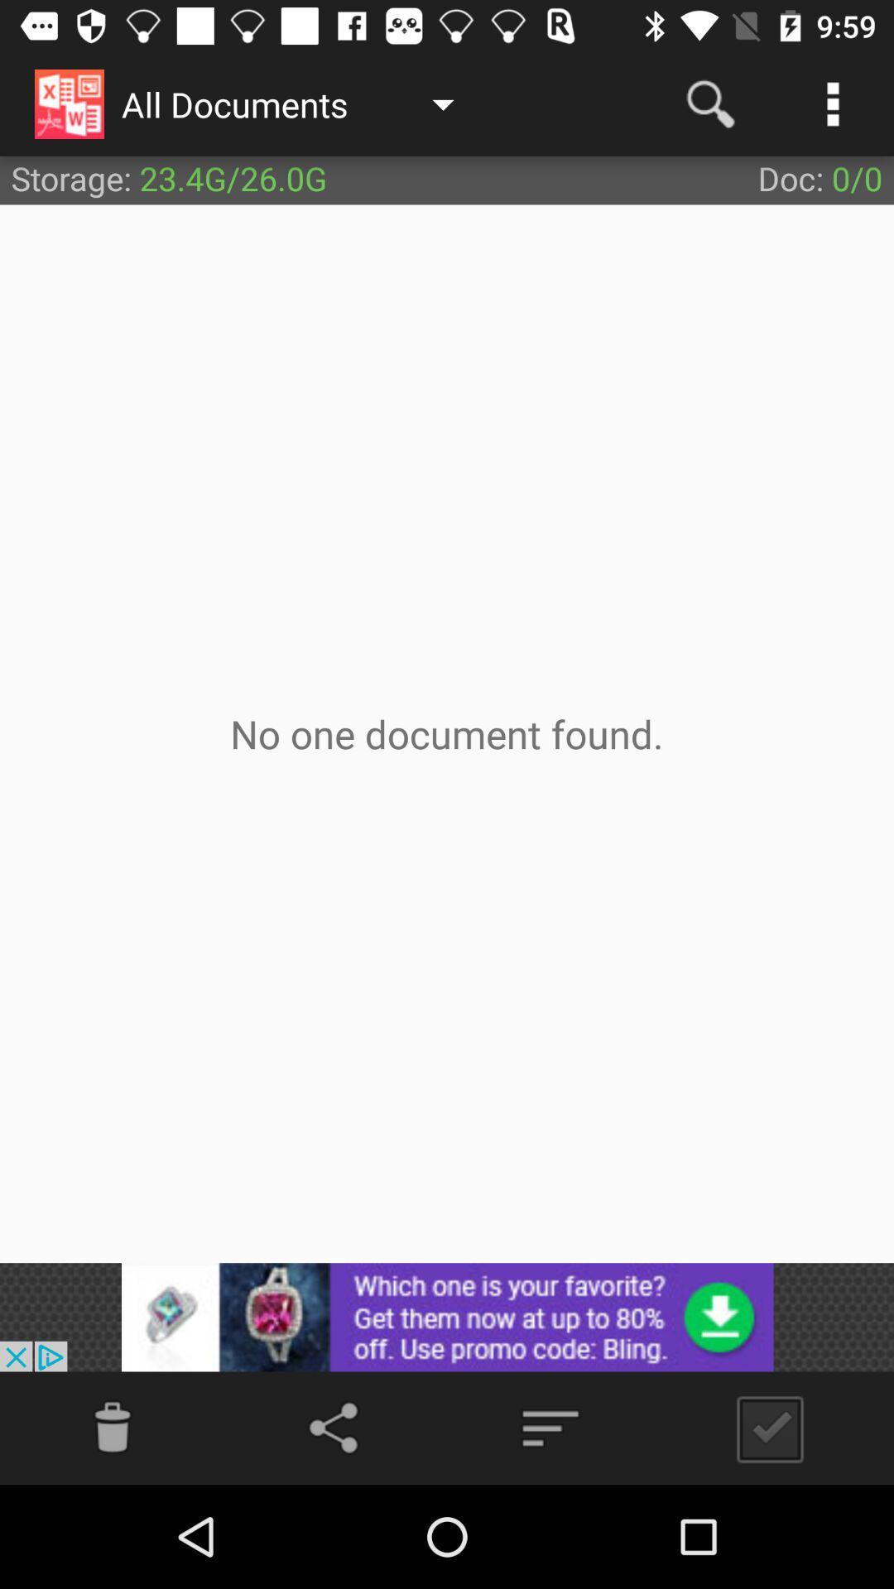  What do you see at coordinates (336, 1427) in the screenshot?
I see `share options` at bounding box center [336, 1427].